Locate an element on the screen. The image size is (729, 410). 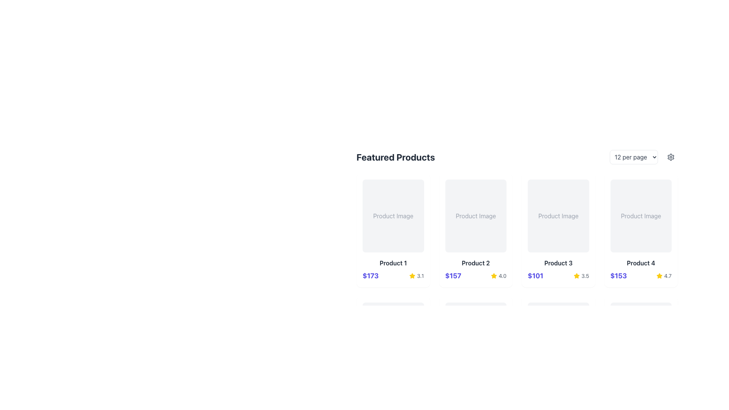
the dropdown menu labeled '12 per page' located in the top-right corner of the 'Featured Products' section is located at coordinates (643, 156).